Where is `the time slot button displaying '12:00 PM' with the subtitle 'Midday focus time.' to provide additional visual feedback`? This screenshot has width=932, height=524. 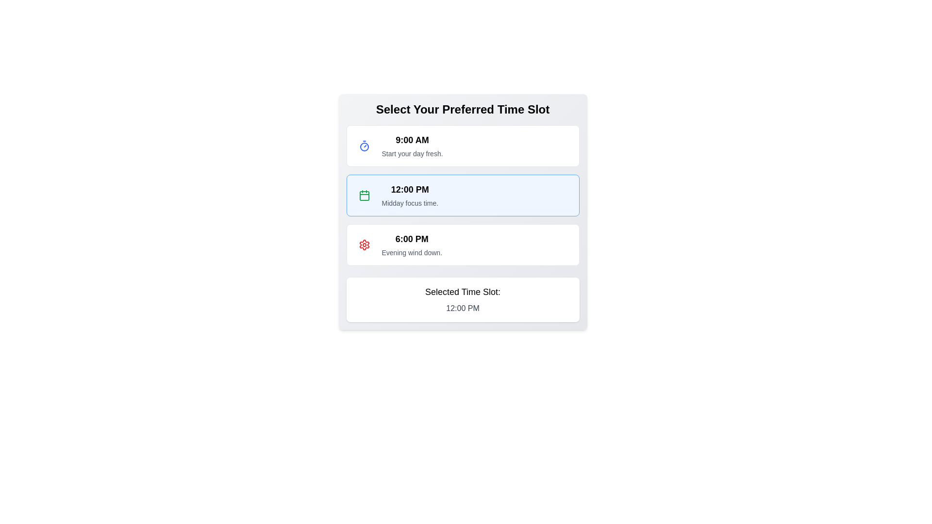
the time slot button displaying '12:00 PM' with the subtitle 'Midday focus time.' to provide additional visual feedback is located at coordinates (410, 195).